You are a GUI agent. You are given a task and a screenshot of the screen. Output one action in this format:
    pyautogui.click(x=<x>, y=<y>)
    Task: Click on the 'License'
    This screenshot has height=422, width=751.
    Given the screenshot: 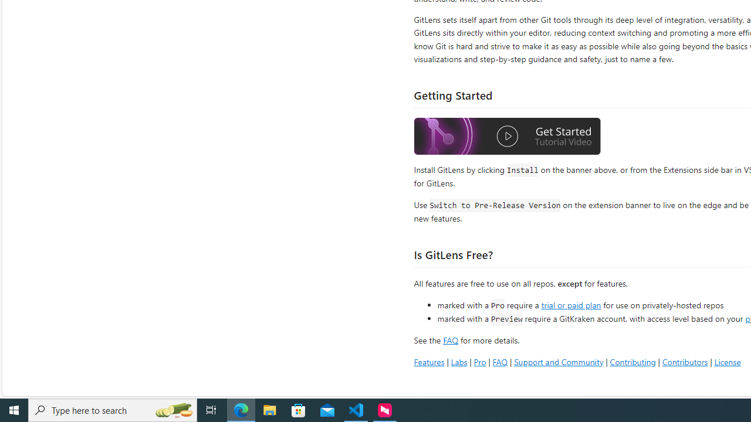 What is the action you would take?
    pyautogui.click(x=727, y=361)
    